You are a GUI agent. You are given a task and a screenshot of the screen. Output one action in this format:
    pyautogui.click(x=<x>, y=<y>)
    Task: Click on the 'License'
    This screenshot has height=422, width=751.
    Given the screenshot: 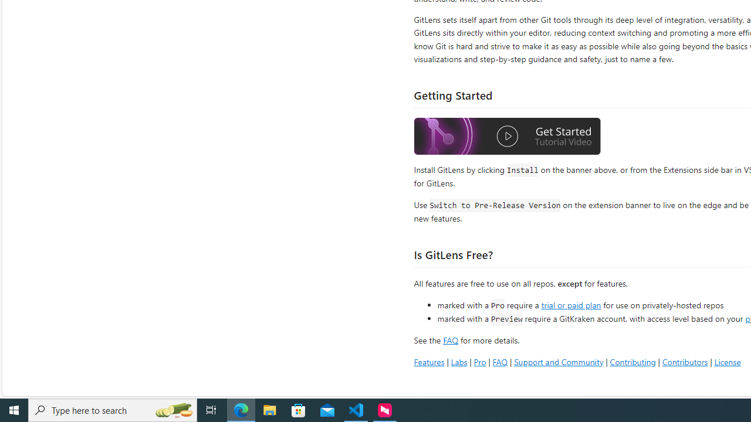 What is the action you would take?
    pyautogui.click(x=727, y=361)
    